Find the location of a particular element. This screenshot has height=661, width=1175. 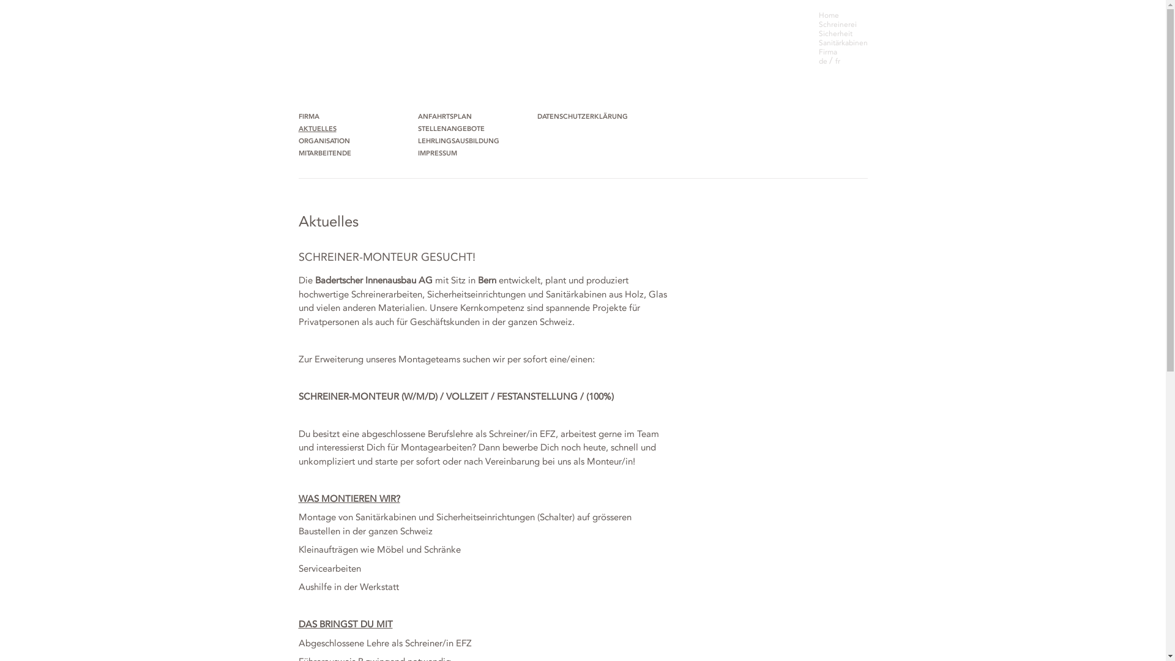

'ORGANISATION' is located at coordinates (299, 141).